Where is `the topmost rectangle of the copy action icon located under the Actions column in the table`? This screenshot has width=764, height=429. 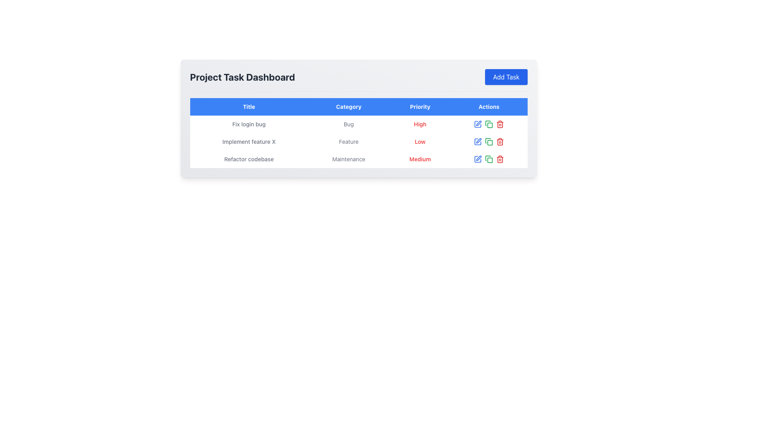 the topmost rectangle of the copy action icon located under the Actions column in the table is located at coordinates (489, 125).